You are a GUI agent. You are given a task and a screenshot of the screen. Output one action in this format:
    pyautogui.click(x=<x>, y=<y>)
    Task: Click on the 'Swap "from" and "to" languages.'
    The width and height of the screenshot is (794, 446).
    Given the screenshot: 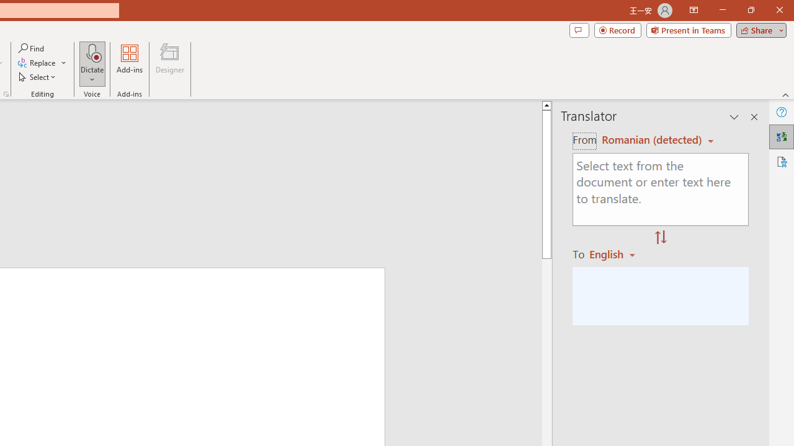 What is the action you would take?
    pyautogui.click(x=660, y=238)
    